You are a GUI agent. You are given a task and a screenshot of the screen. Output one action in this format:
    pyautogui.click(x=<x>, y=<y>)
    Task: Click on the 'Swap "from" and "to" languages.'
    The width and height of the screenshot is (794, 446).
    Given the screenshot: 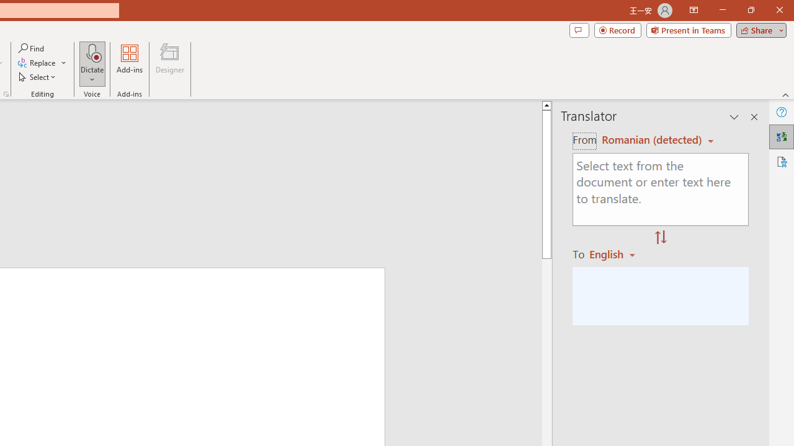 What is the action you would take?
    pyautogui.click(x=660, y=238)
    